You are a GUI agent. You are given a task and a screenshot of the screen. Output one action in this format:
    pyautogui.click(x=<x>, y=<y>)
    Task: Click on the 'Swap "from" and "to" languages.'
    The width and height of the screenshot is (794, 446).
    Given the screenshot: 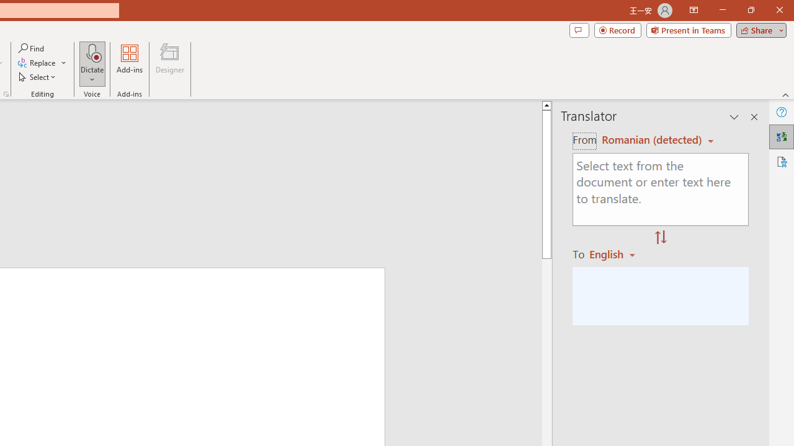 What is the action you would take?
    pyautogui.click(x=660, y=238)
    